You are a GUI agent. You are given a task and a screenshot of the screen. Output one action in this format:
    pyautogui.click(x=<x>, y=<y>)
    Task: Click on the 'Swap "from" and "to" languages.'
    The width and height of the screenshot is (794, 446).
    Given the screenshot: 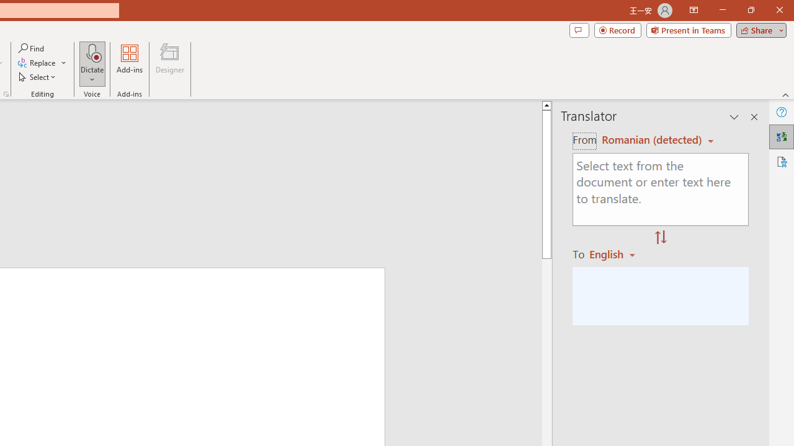 What is the action you would take?
    pyautogui.click(x=660, y=238)
    